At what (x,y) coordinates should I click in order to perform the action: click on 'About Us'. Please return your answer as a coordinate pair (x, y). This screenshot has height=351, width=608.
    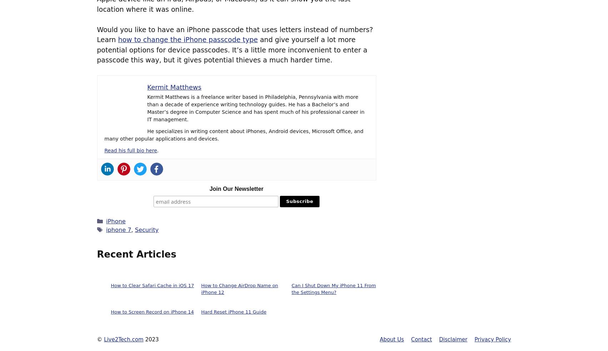
    Looking at the image, I should click on (392, 340).